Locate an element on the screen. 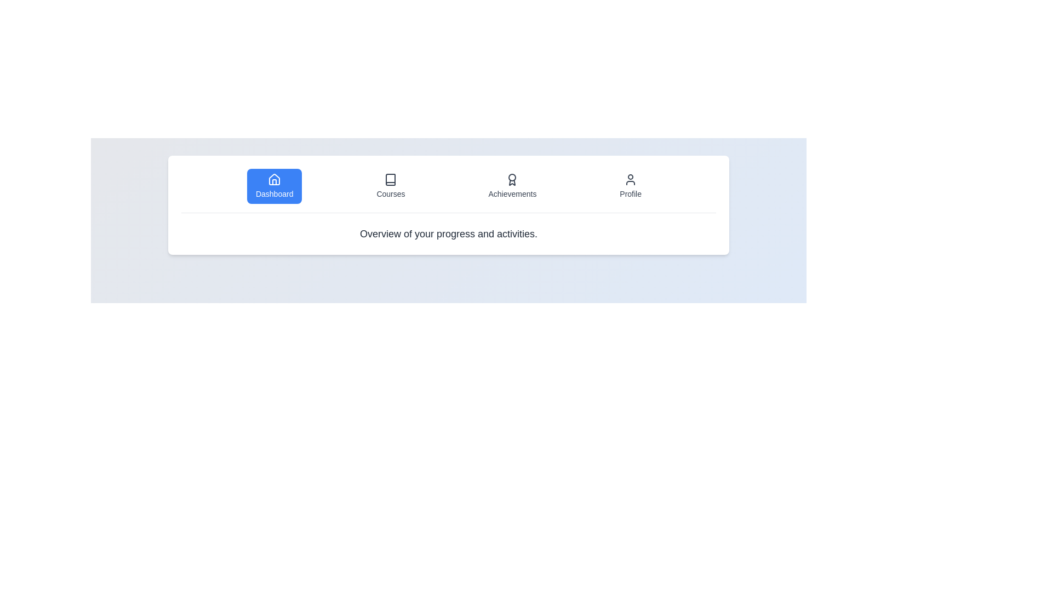 This screenshot has width=1052, height=592. the award icon located in the 'Achievements' section, which is represented by a circular badge with two ribbons and is positioned above the text label 'Achievements' is located at coordinates (512, 179).